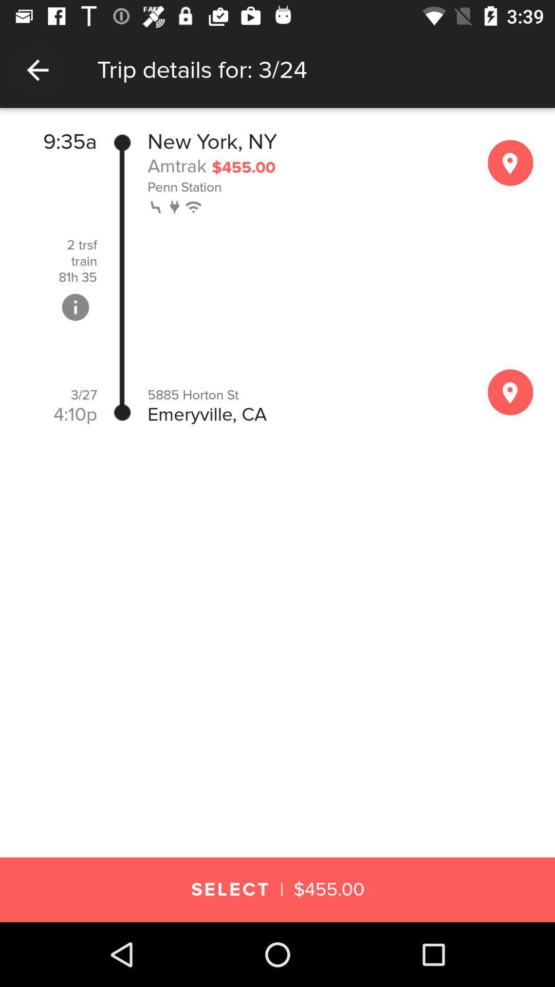 Image resolution: width=555 pixels, height=987 pixels. I want to click on track your location, so click(510, 392).